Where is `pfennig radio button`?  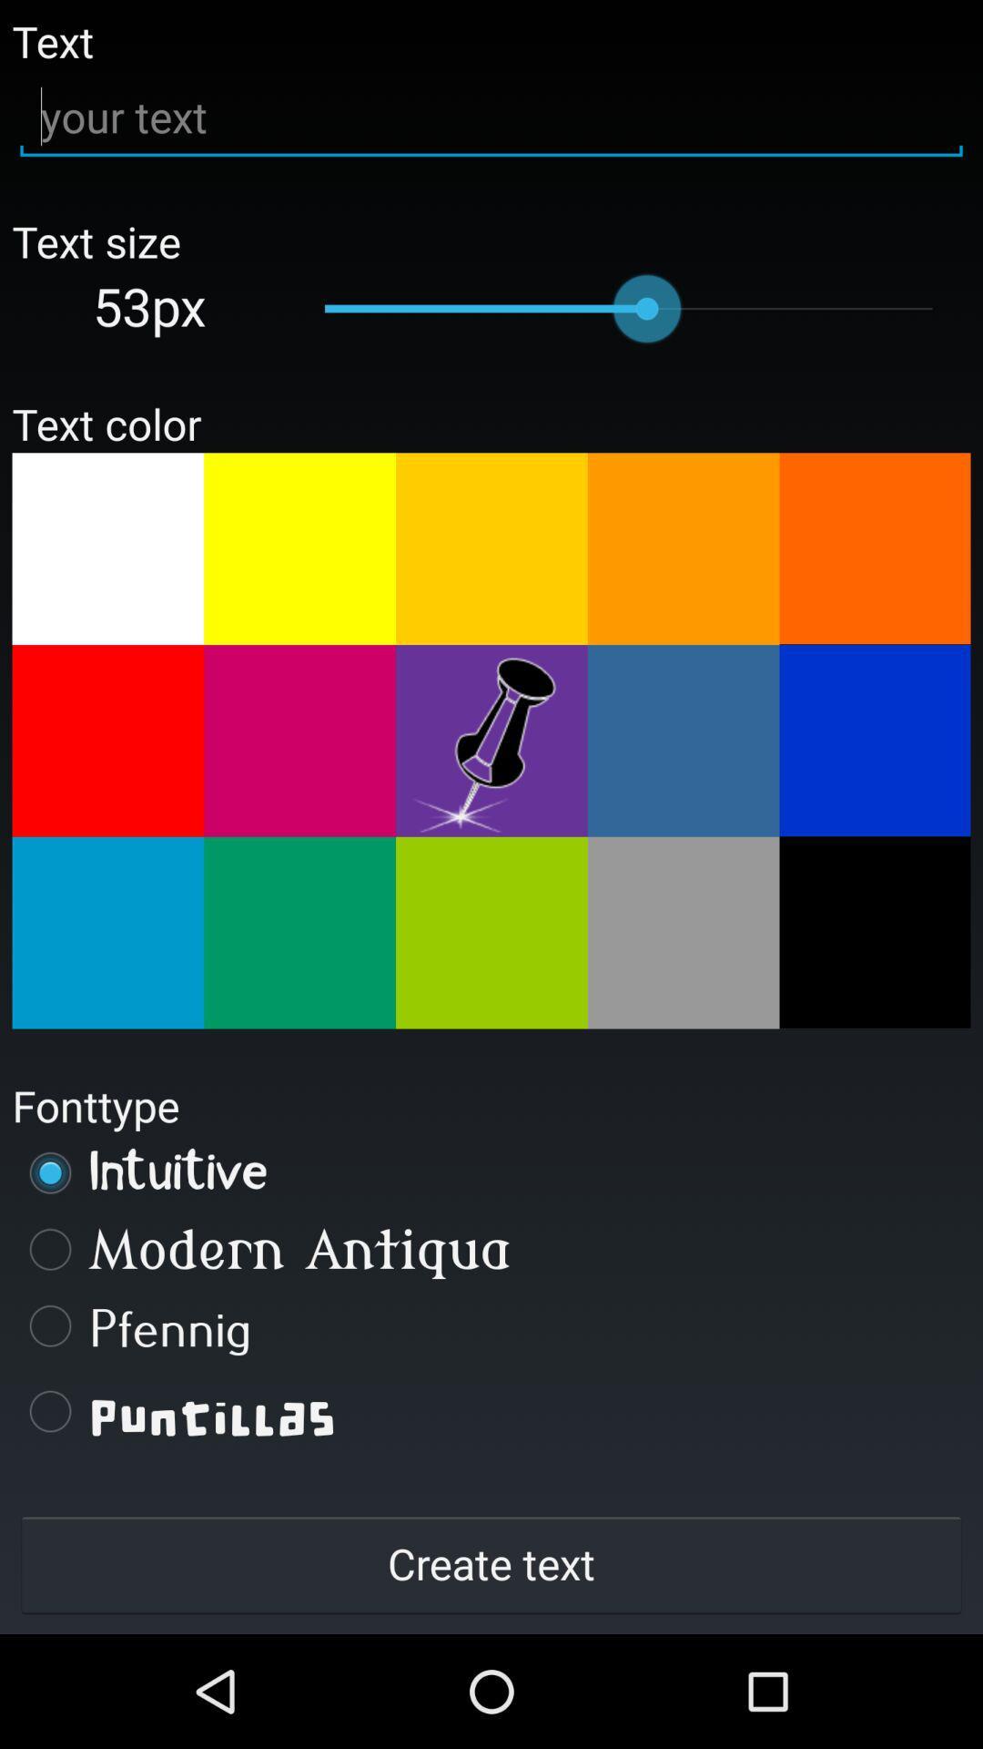 pfennig radio button is located at coordinates (491, 1325).